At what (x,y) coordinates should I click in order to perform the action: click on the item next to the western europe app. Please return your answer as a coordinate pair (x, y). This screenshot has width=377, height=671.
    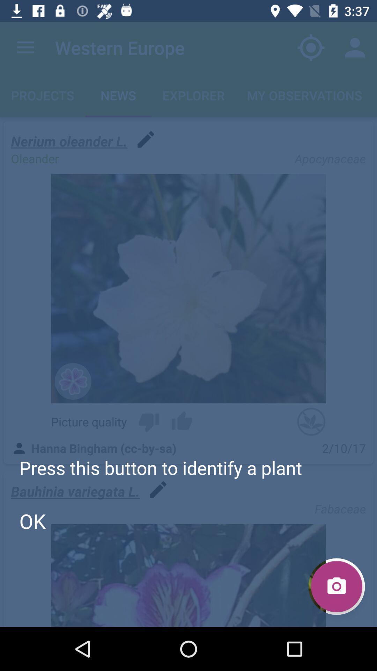
    Looking at the image, I should click on (25, 47).